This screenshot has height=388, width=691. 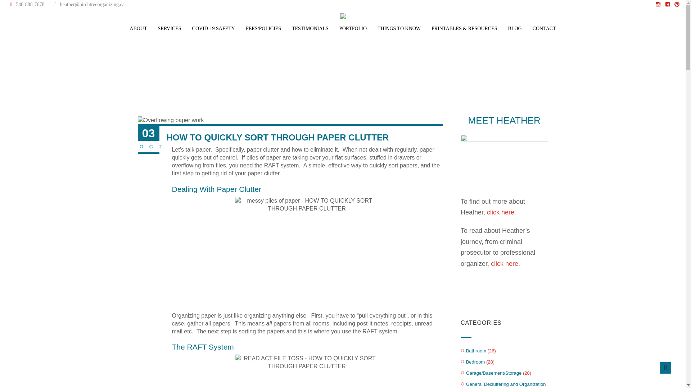 What do you see at coordinates (659, 4) in the screenshot?
I see `'Instagram'` at bounding box center [659, 4].